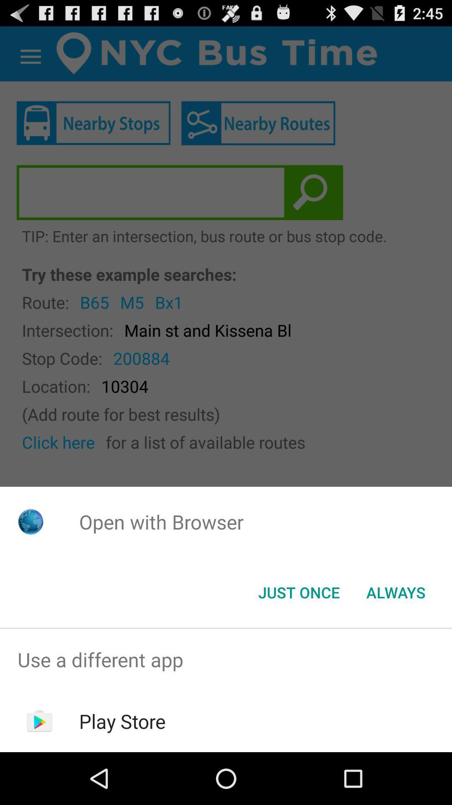  Describe the element at coordinates (395, 592) in the screenshot. I see `the button at the bottom right corner` at that location.